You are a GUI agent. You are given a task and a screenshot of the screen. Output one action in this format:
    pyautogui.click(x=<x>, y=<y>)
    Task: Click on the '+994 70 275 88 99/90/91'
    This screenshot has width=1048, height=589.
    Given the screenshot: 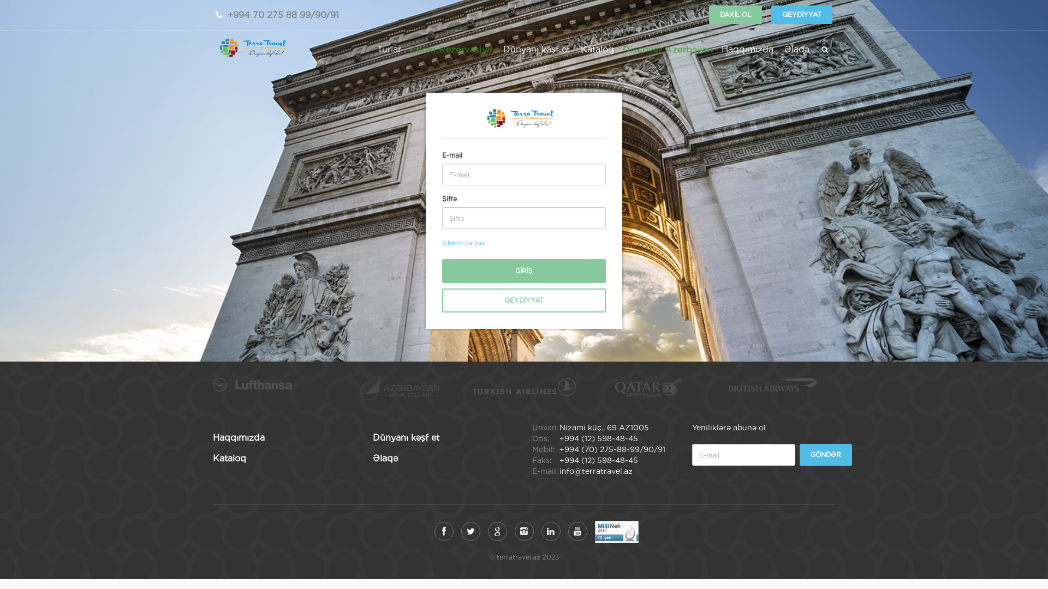 What is the action you would take?
    pyautogui.click(x=283, y=15)
    